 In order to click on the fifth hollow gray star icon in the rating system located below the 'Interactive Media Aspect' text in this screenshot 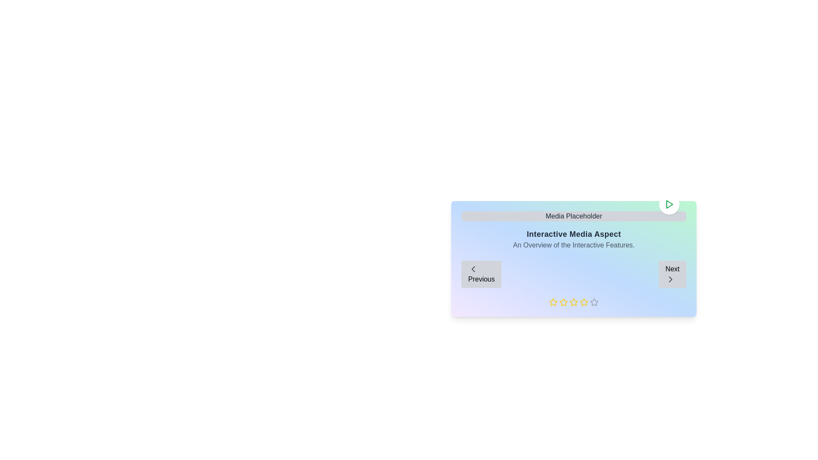, I will do `click(594, 302)`.